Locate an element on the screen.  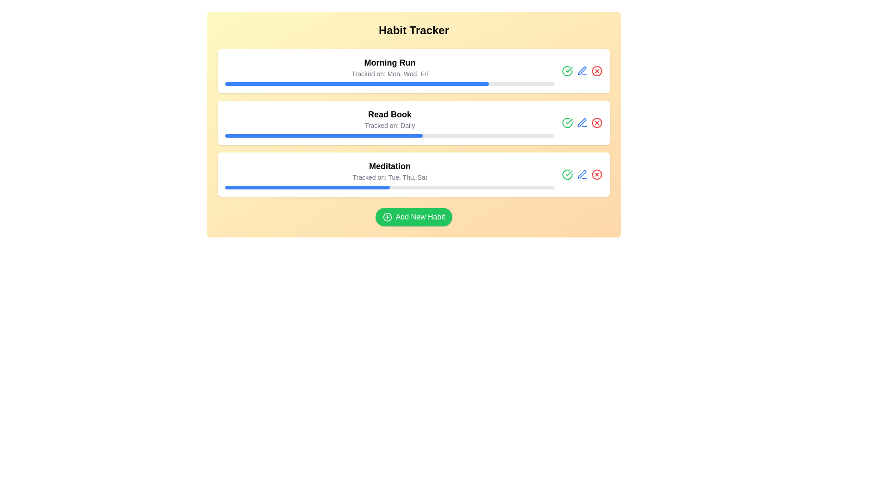
the green button labeled 'Add New Habit' is located at coordinates (413, 217).